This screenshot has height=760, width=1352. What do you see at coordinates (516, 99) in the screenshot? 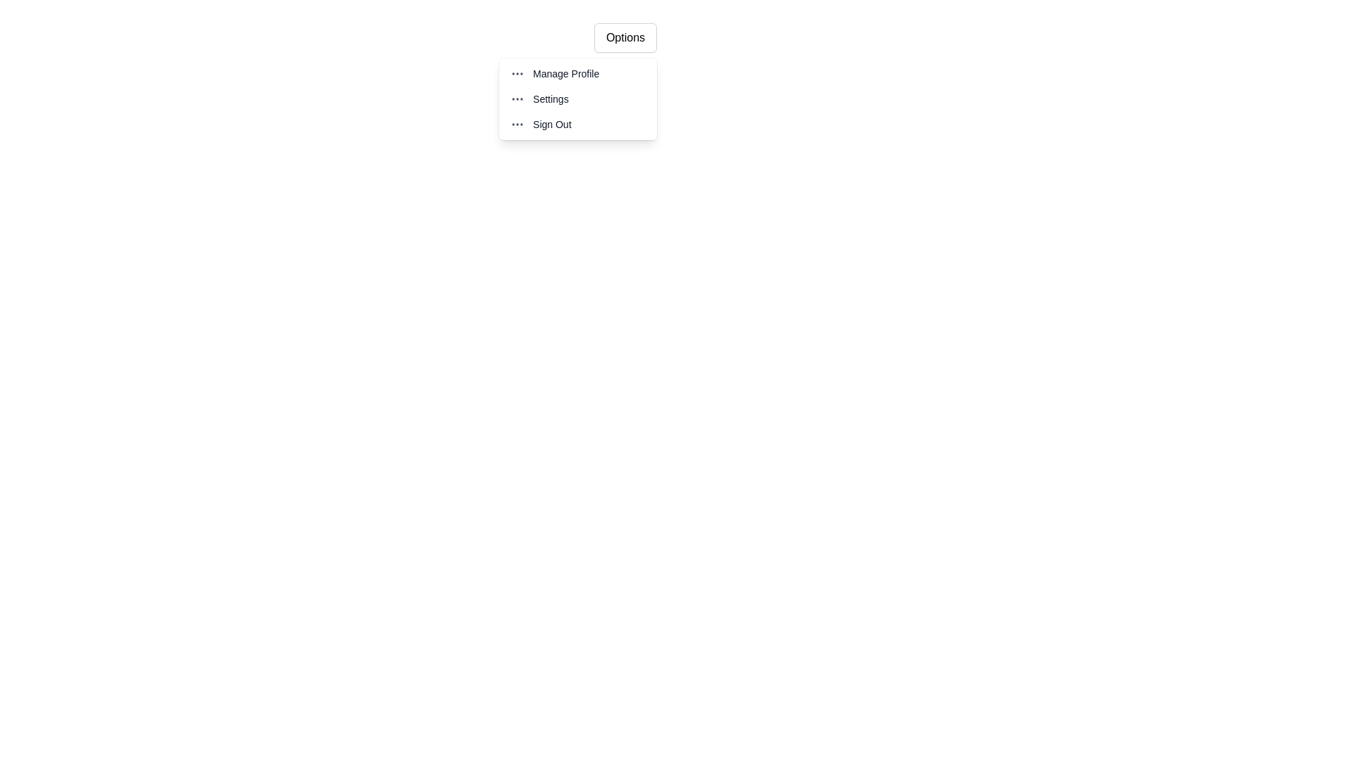
I see `the minimalist ellipsis icon consisting of three horizontally aligned dots, located to the left of the 'Settings' label` at bounding box center [516, 99].